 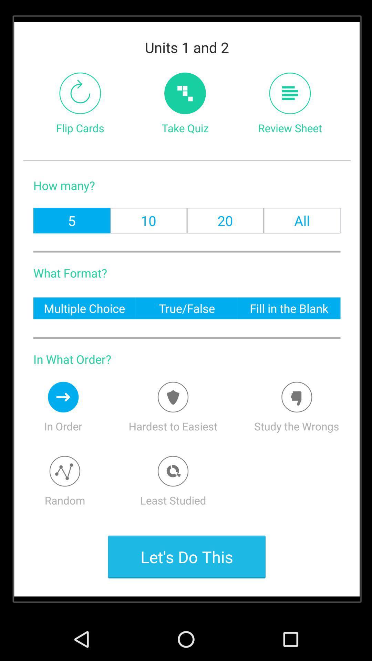 I want to click on item next to take quiz, so click(x=80, y=93).